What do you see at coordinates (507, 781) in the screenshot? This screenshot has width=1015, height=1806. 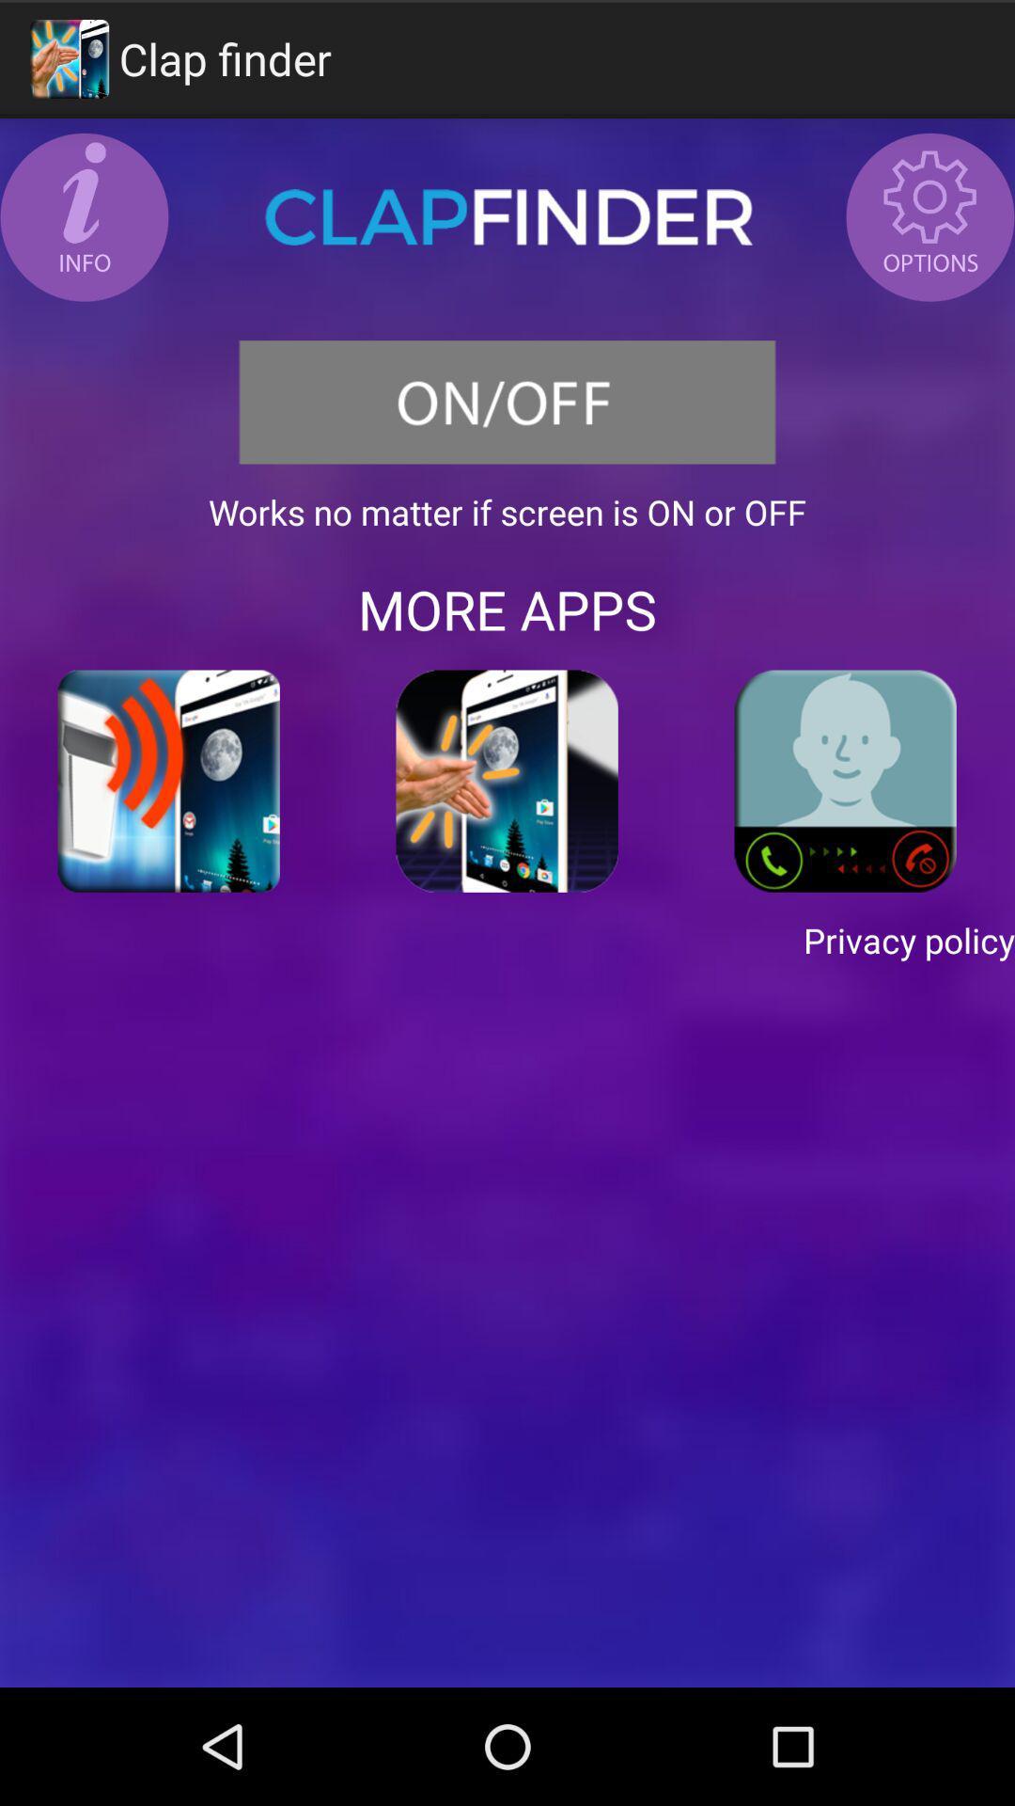 I see `choose app` at bounding box center [507, 781].